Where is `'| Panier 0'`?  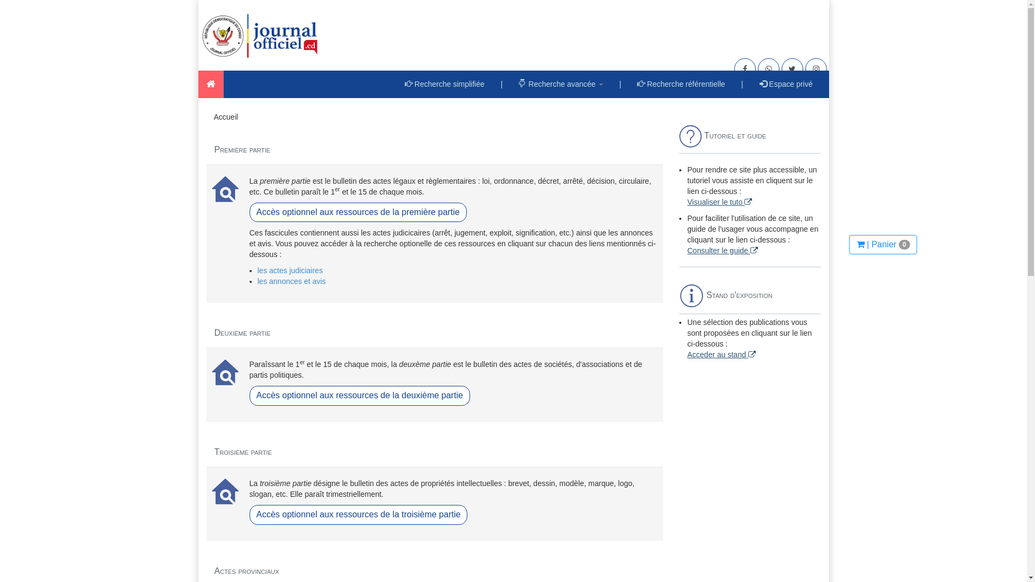 '| Panier 0' is located at coordinates (848, 245).